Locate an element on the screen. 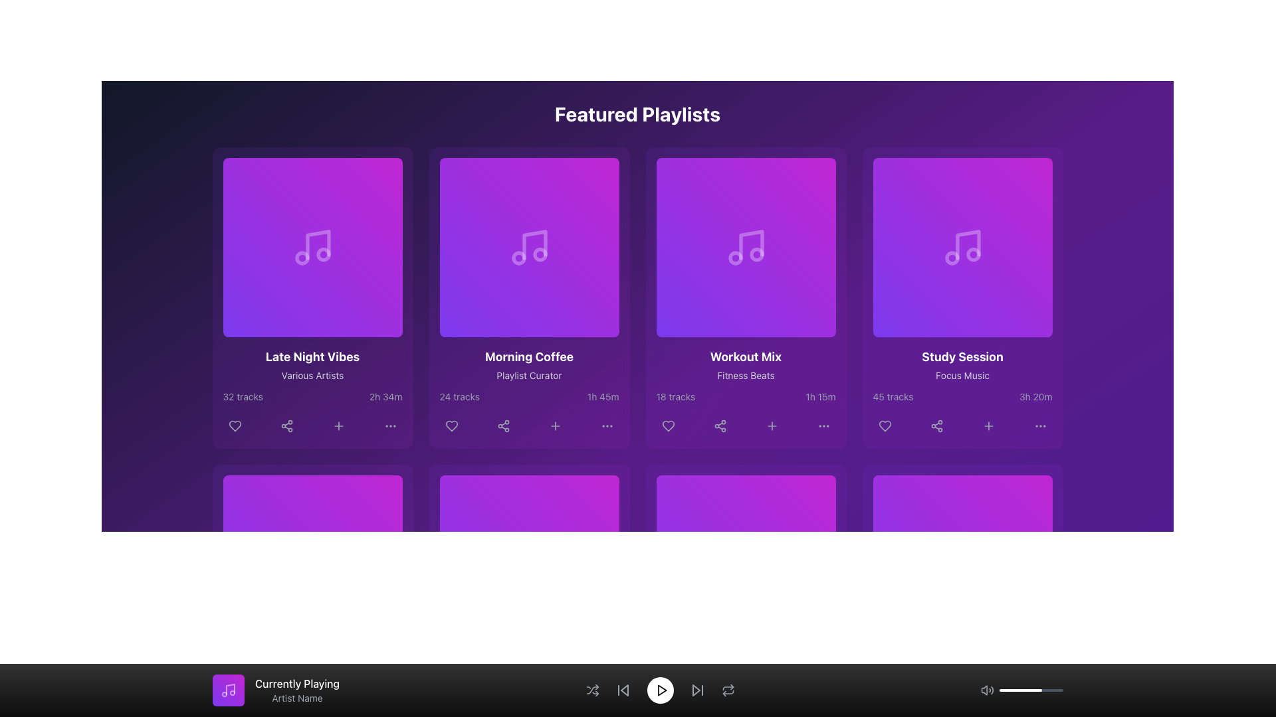  the circular play button with a translucent white background and a white play icon to play the 'Morning Coffee' playlist is located at coordinates (528, 248).